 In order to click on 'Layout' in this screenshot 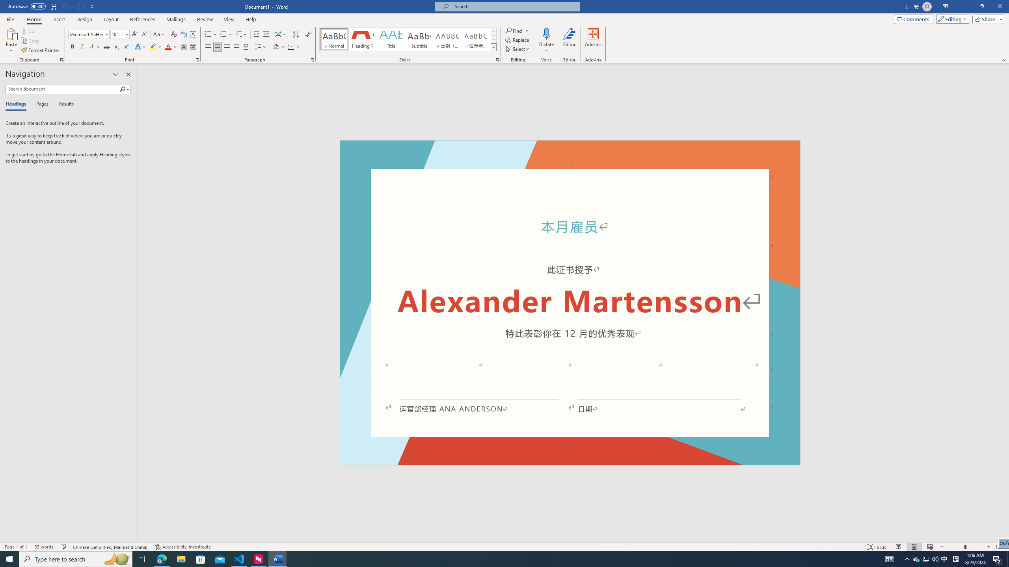, I will do `click(111, 19)`.